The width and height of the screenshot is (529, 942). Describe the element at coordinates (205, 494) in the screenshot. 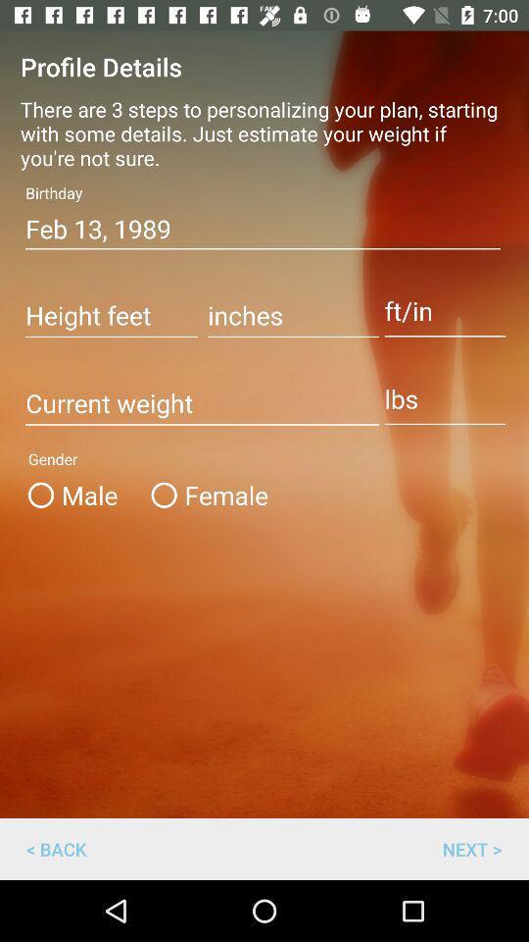

I see `female icon` at that location.